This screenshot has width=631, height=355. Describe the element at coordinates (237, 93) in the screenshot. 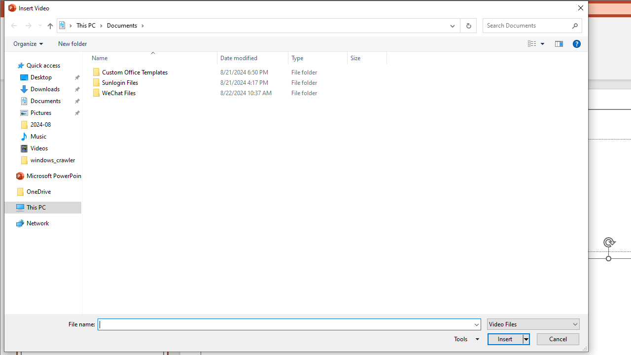

I see `'WeChat Files'` at that location.